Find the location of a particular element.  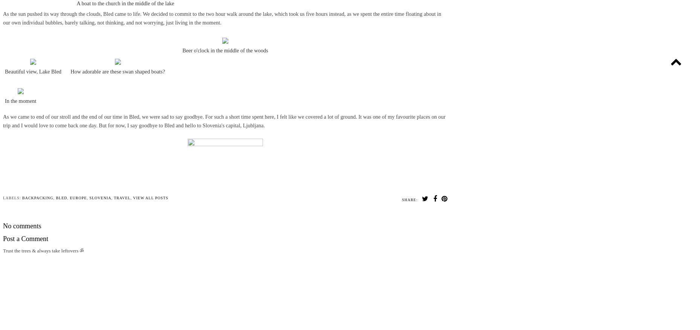

'Slovenia' is located at coordinates (100, 197).